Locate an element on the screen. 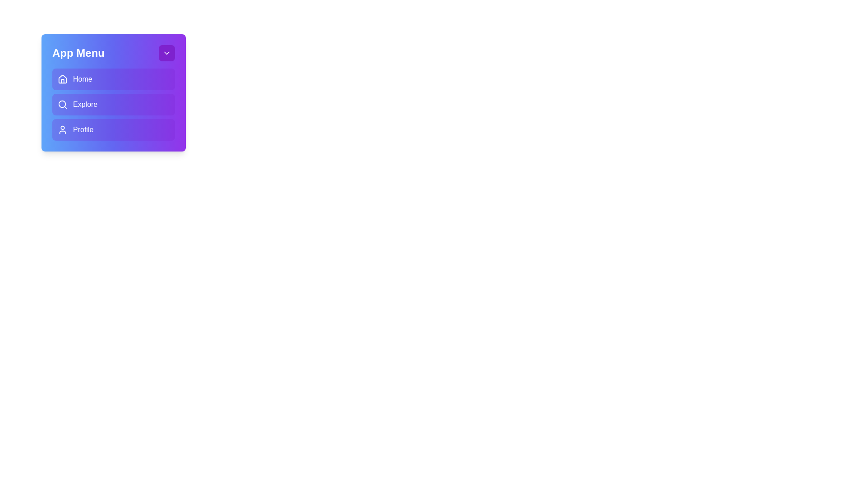 The width and height of the screenshot is (866, 487). the downward chevron icon located at the top-right corner of the purple rounded square button within the 'App Menu' card is located at coordinates (166, 53).